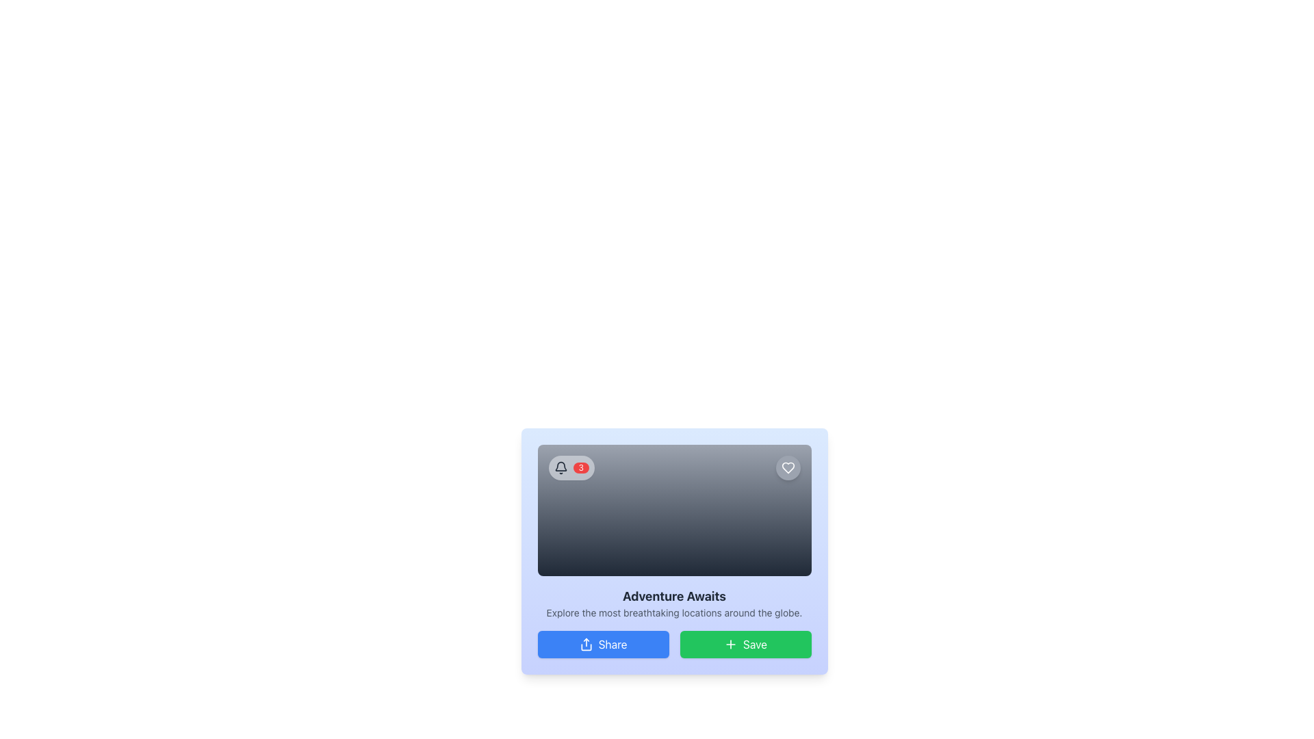 This screenshot has height=739, width=1314. What do you see at coordinates (571, 467) in the screenshot?
I see `the Notification Badge located at the top-left corner of the gradient-colored card that indicates the count of notifications or alerts` at bounding box center [571, 467].